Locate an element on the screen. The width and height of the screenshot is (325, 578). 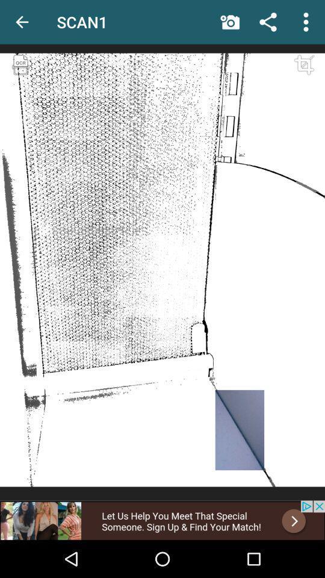
the square icon which is on top right is located at coordinates (301, 76).